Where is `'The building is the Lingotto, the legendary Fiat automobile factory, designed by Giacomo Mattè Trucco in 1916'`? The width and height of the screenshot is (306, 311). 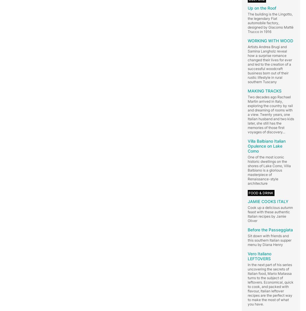 'The building is the Lingotto, the legendary Fiat automobile factory, designed by Giacomo Mattè Trucco in 1916' is located at coordinates (270, 22).